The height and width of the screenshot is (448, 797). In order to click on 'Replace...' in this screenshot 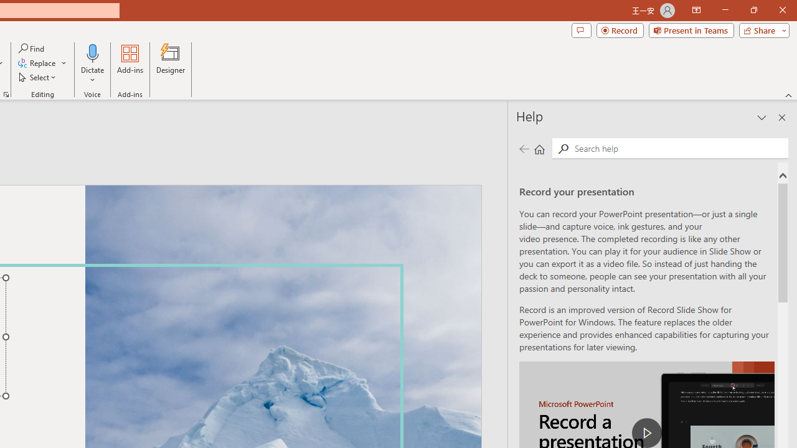, I will do `click(43, 63)`.